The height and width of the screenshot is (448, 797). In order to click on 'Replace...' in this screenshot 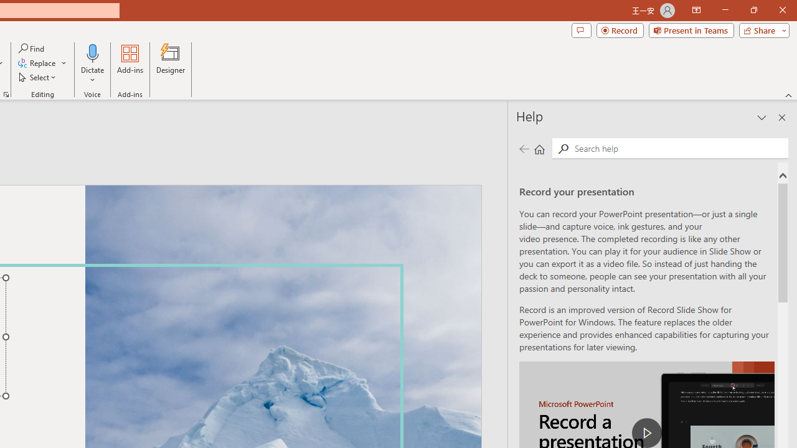, I will do `click(43, 63)`.